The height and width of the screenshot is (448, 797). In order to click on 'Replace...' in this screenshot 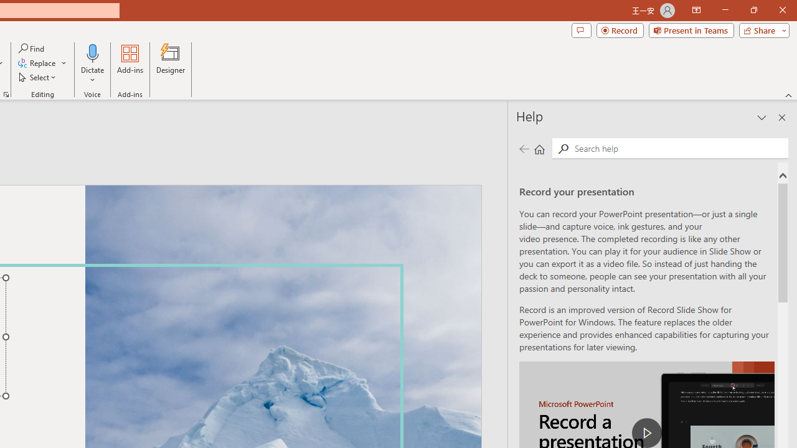, I will do `click(43, 63)`.